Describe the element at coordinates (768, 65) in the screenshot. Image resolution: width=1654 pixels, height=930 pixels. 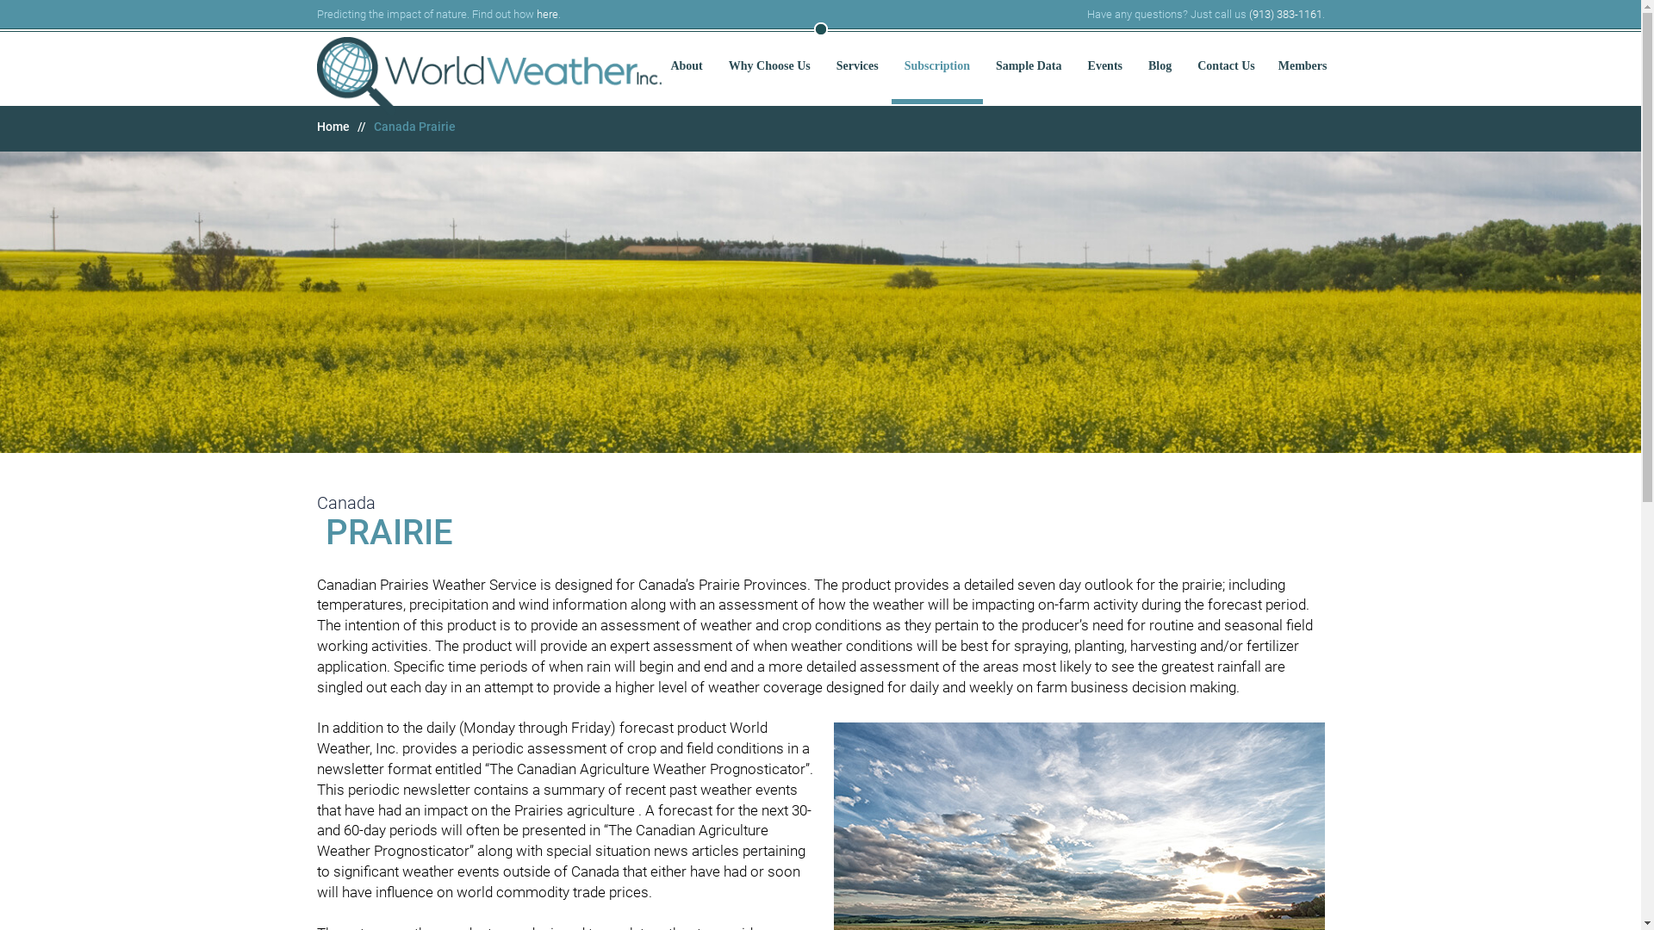
I see `'Why Choose Us'` at that location.